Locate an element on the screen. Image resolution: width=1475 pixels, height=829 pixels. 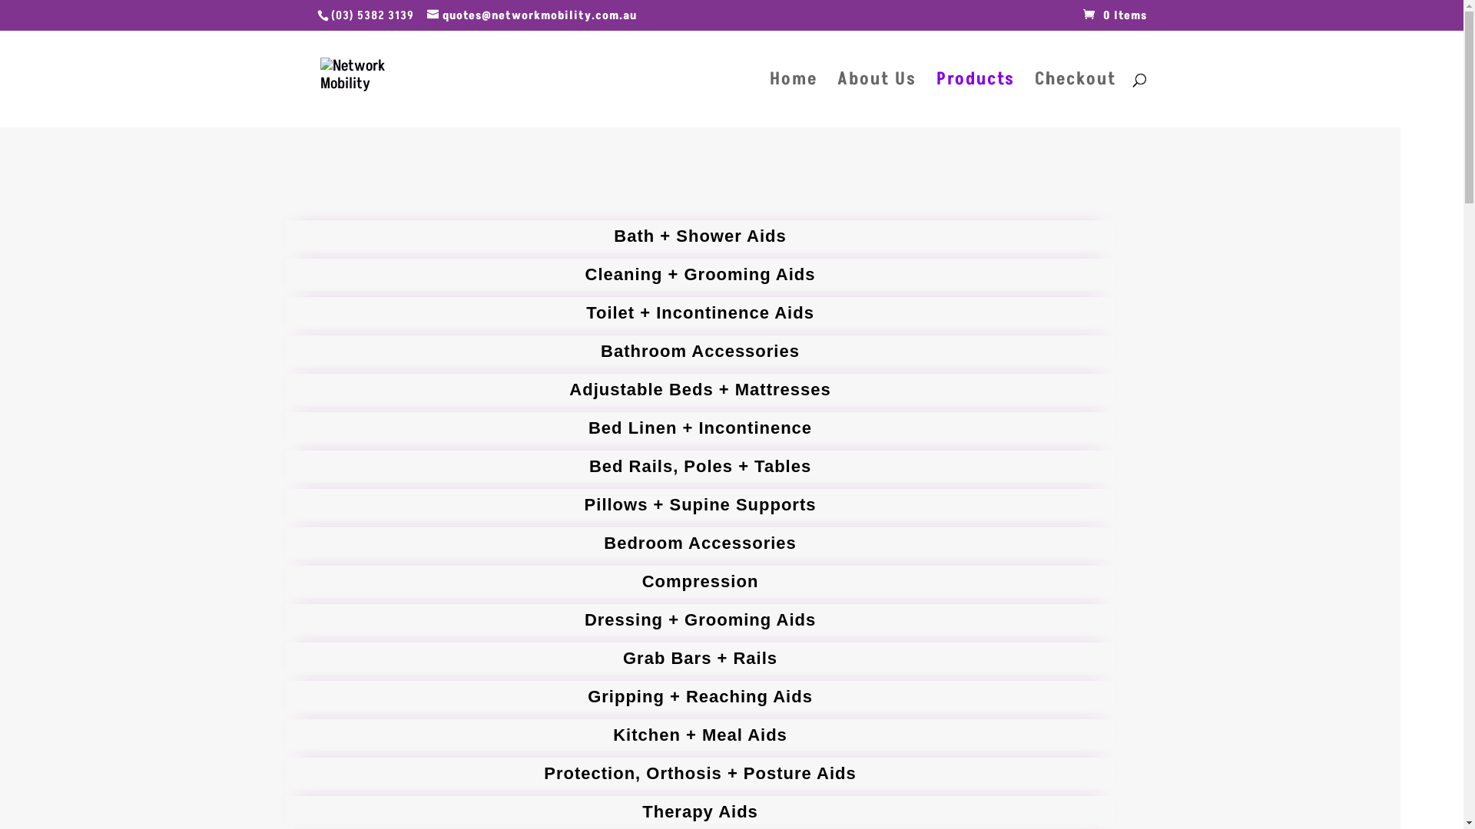
'Pillows + Supine Supports' is located at coordinates (700, 505).